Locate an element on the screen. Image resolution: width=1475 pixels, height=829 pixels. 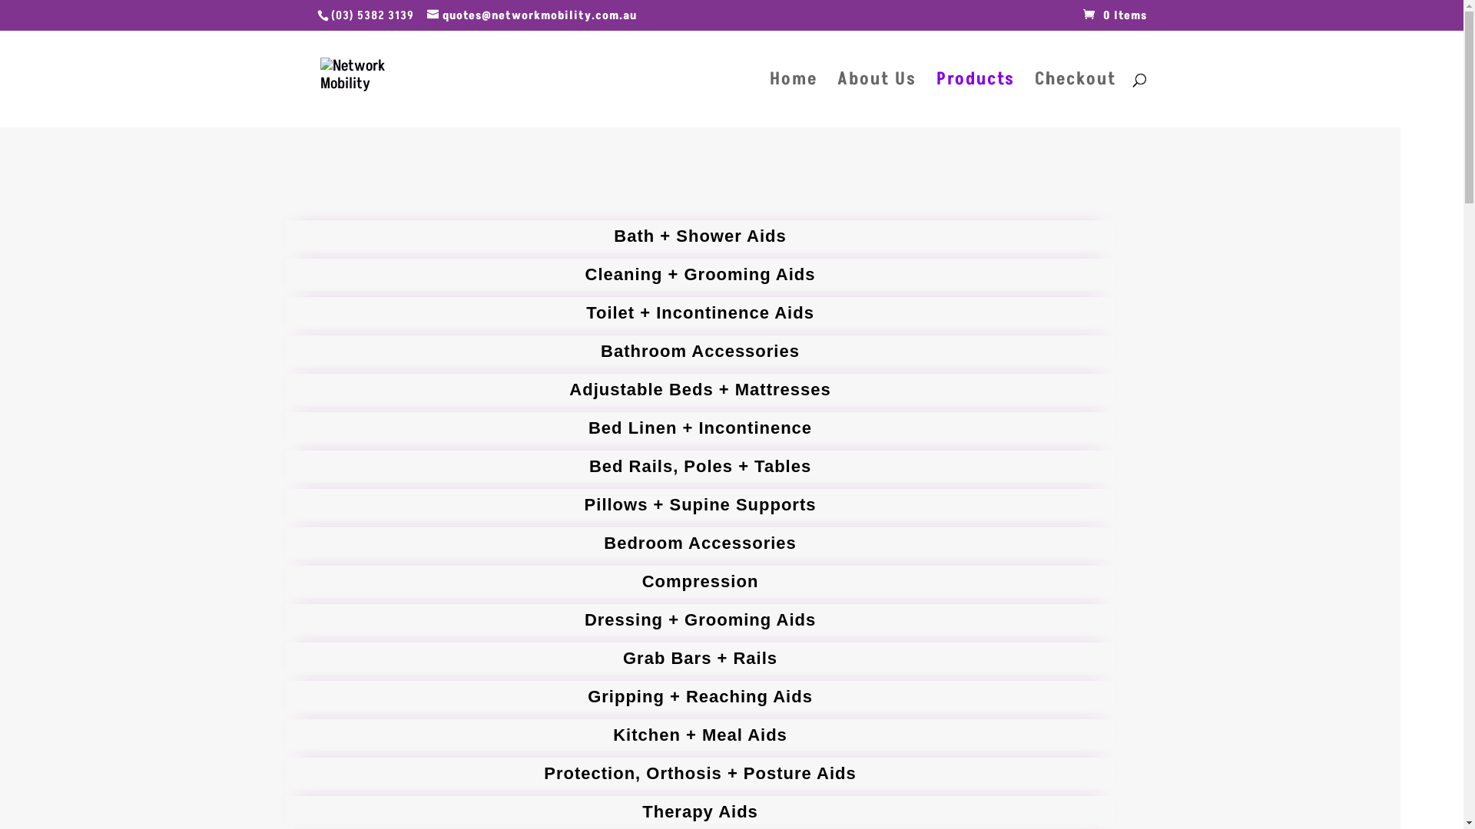
'Pillows + Supine Supports' is located at coordinates (700, 505).